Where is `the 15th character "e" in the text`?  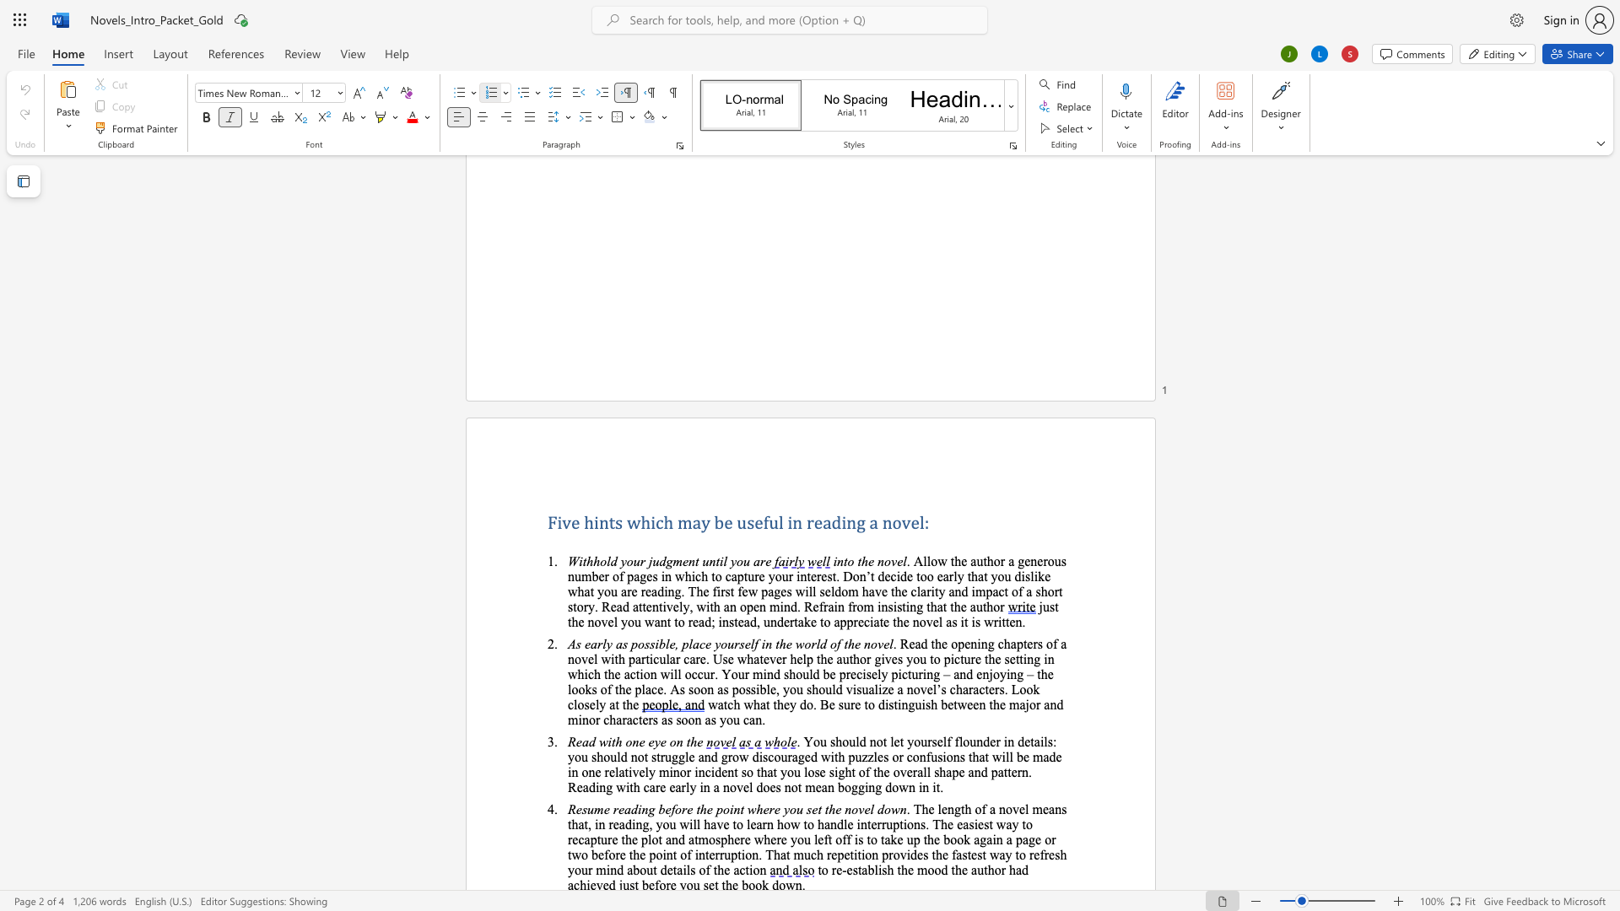
the 15th character "e" in the text is located at coordinates (1012, 658).